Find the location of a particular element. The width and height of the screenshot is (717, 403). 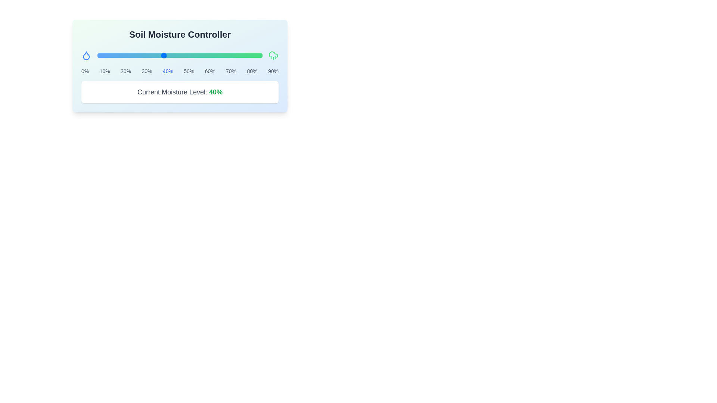

the slider to set the moisture level to 12% is located at coordinates (117, 55).